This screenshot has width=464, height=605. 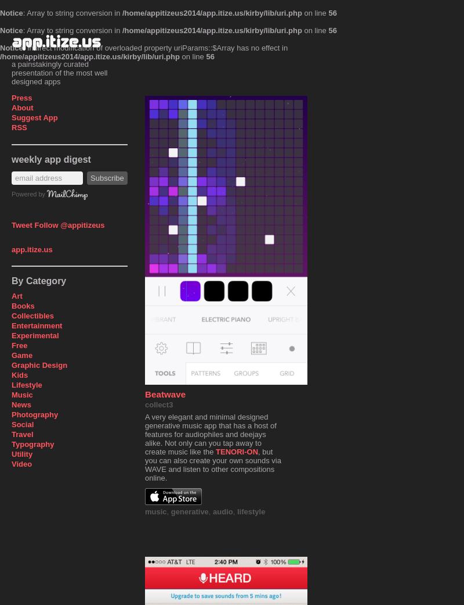 What do you see at coordinates (19, 374) in the screenshot?
I see `'Kids'` at bounding box center [19, 374].